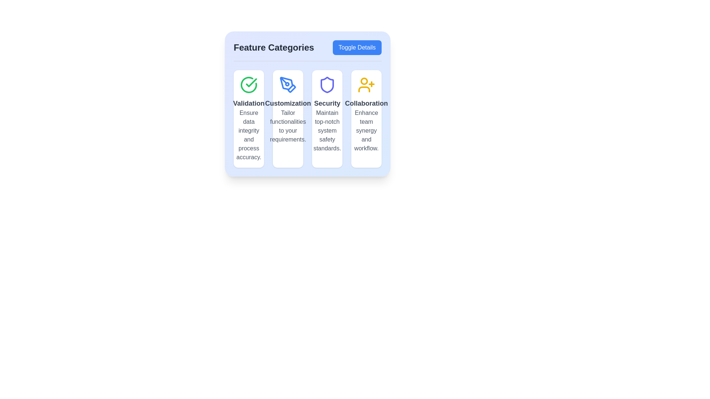 The image size is (710, 399). Describe the element at coordinates (248, 118) in the screenshot. I see `the Information Display Card that provides an overview of the 'Validation' feature, located as the first card in a horizontal grid of four cards` at that location.